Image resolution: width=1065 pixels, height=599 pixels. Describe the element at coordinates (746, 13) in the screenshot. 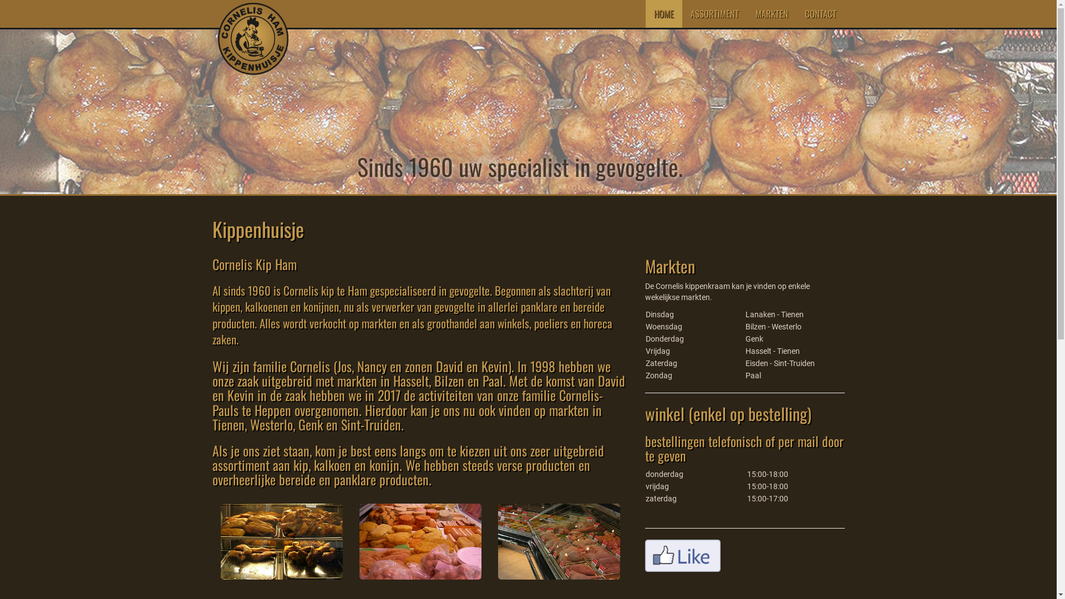

I see `'MARKTEN'` at that location.